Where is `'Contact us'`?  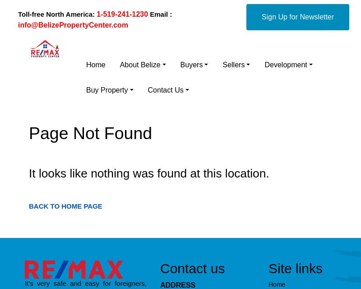 'Contact us' is located at coordinates (192, 267).